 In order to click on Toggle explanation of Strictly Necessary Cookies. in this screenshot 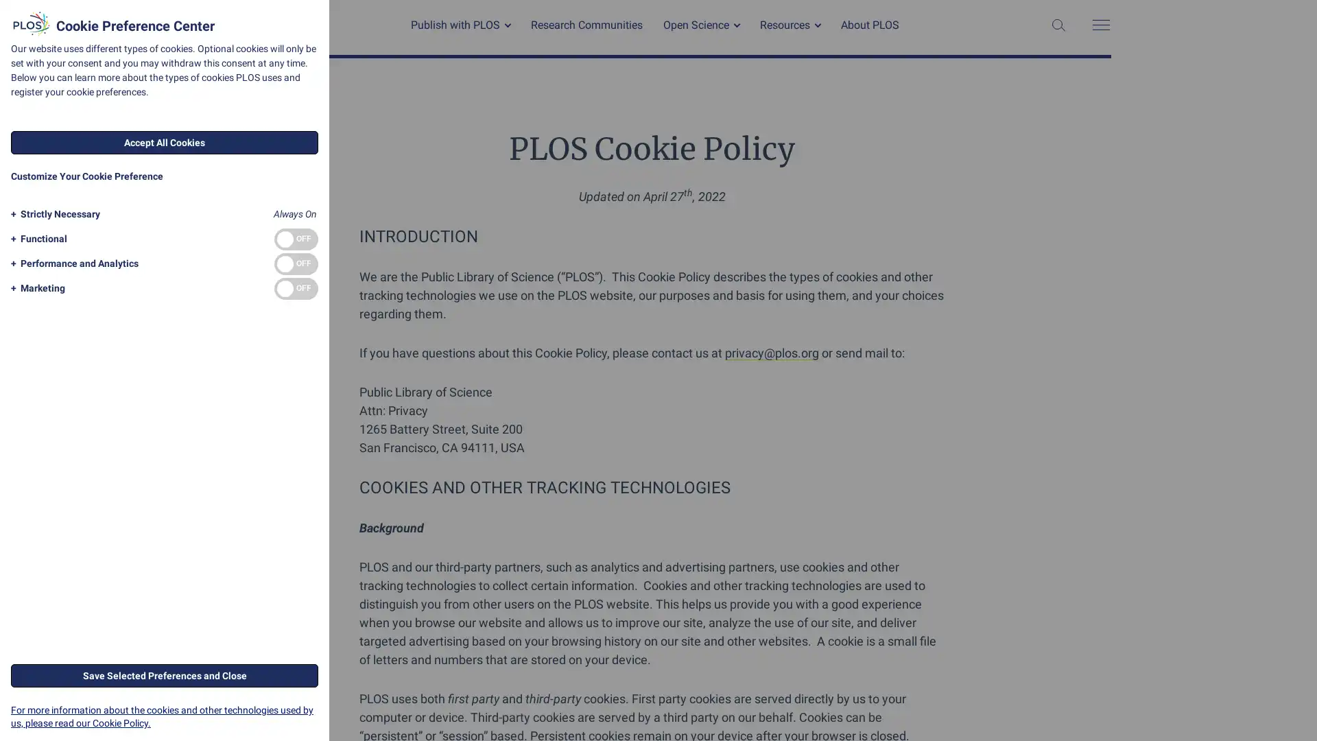, I will do `click(53, 214)`.